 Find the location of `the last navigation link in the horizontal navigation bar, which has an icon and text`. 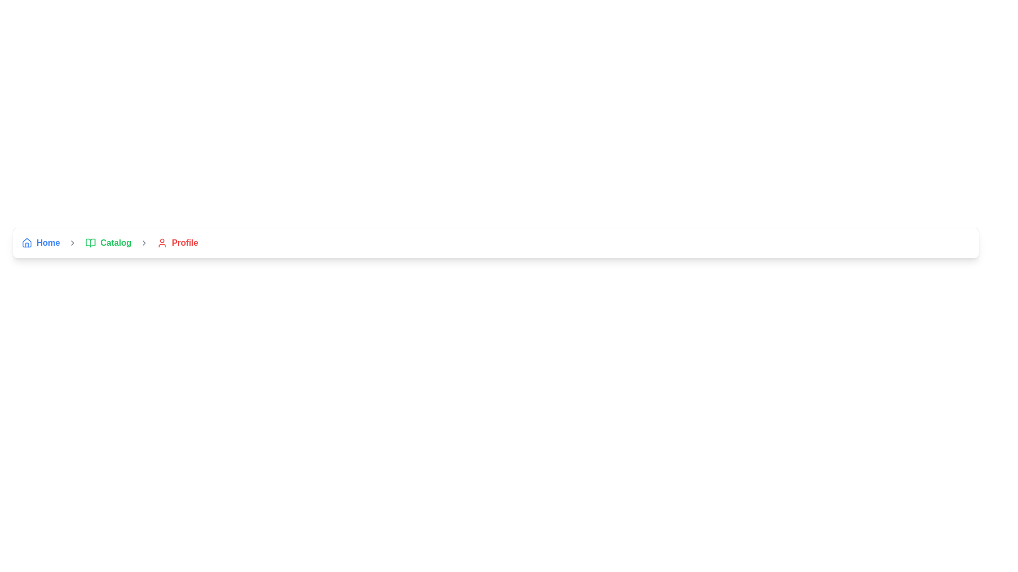

the last navigation link in the horizontal navigation bar, which has an icon and text is located at coordinates (178, 243).